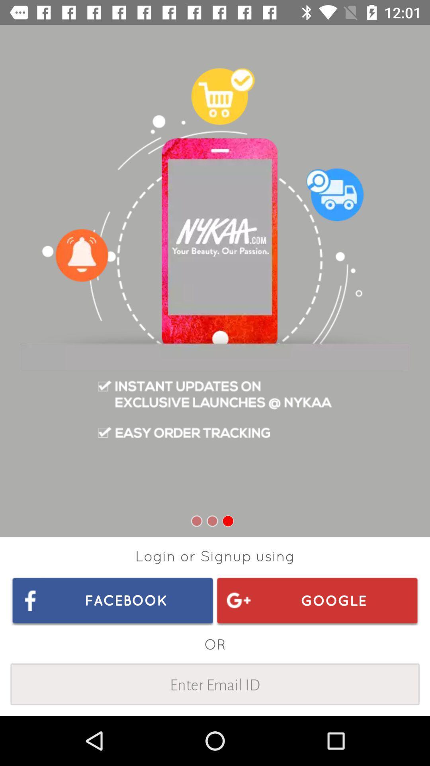  I want to click on the item below login or signup, so click(317, 600).